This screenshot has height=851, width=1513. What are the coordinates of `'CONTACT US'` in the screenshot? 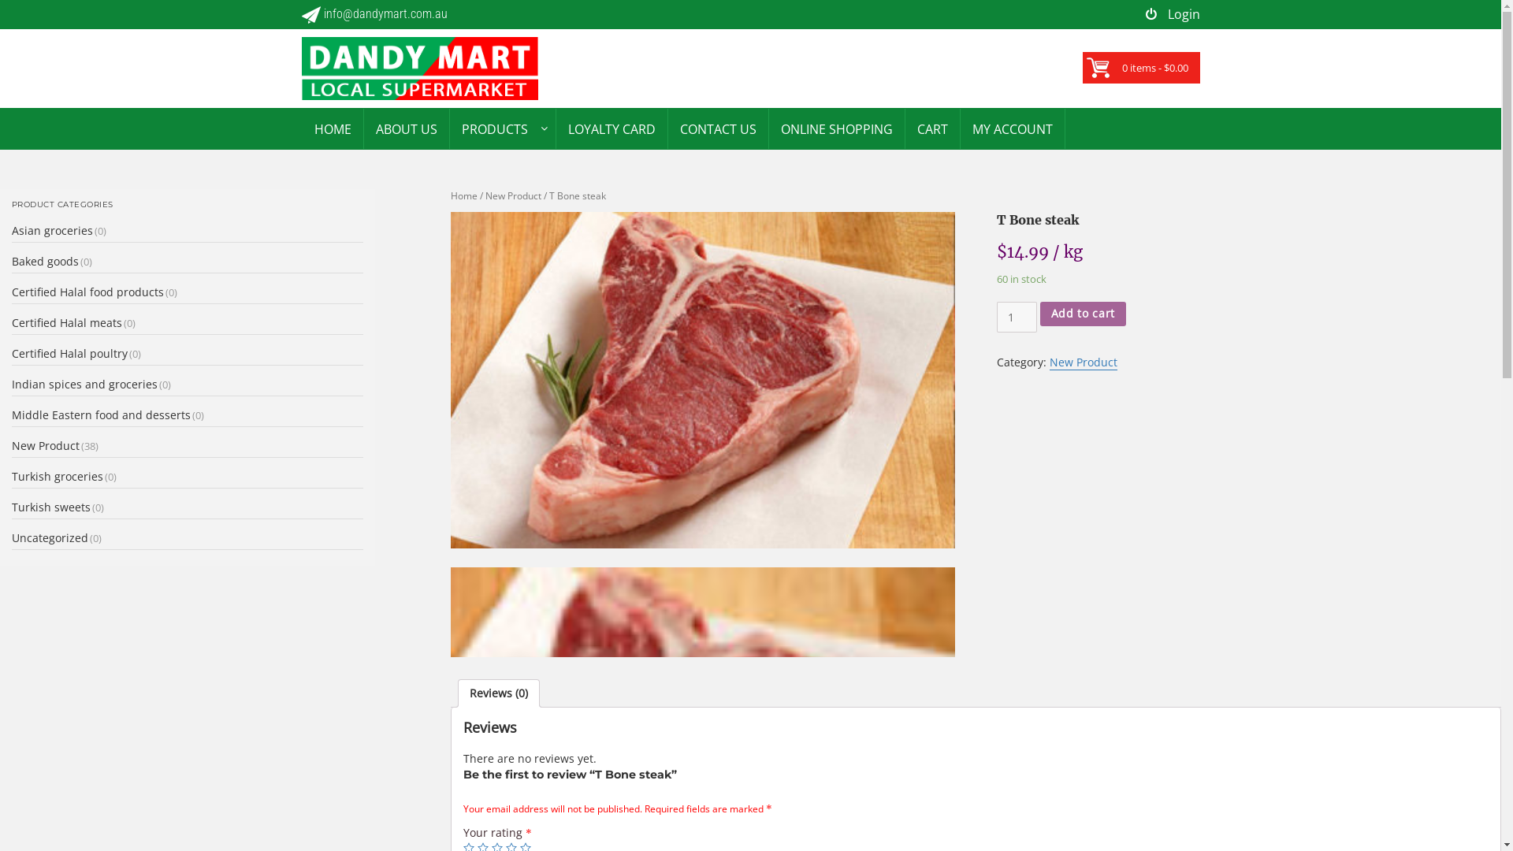 It's located at (717, 128).